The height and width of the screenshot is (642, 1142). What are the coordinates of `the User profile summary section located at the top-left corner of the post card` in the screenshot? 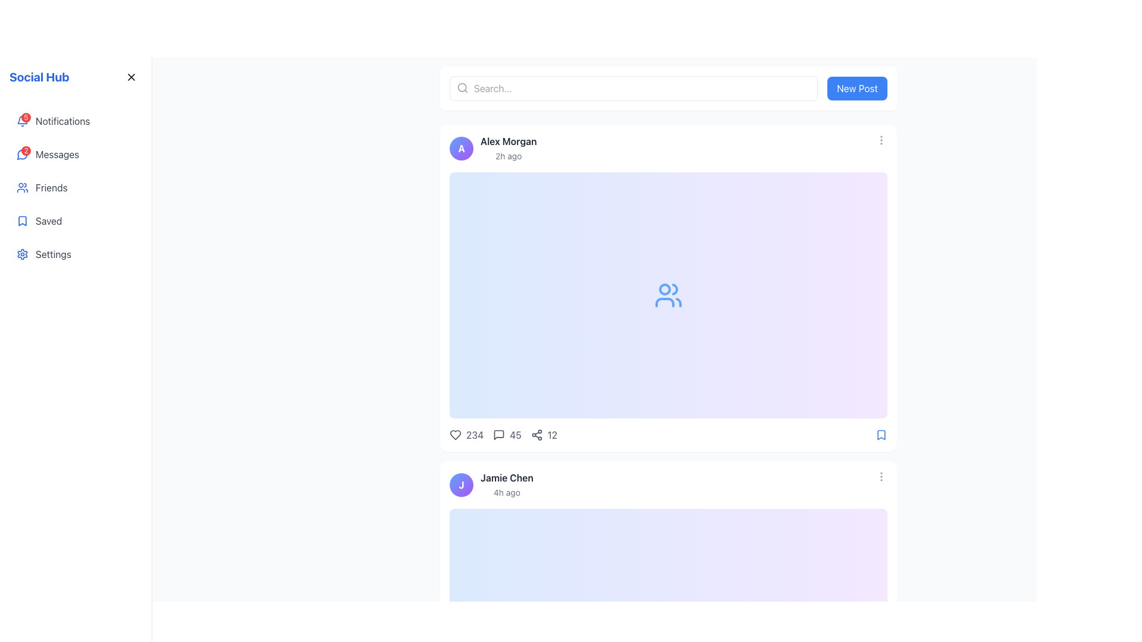 It's located at (491, 485).